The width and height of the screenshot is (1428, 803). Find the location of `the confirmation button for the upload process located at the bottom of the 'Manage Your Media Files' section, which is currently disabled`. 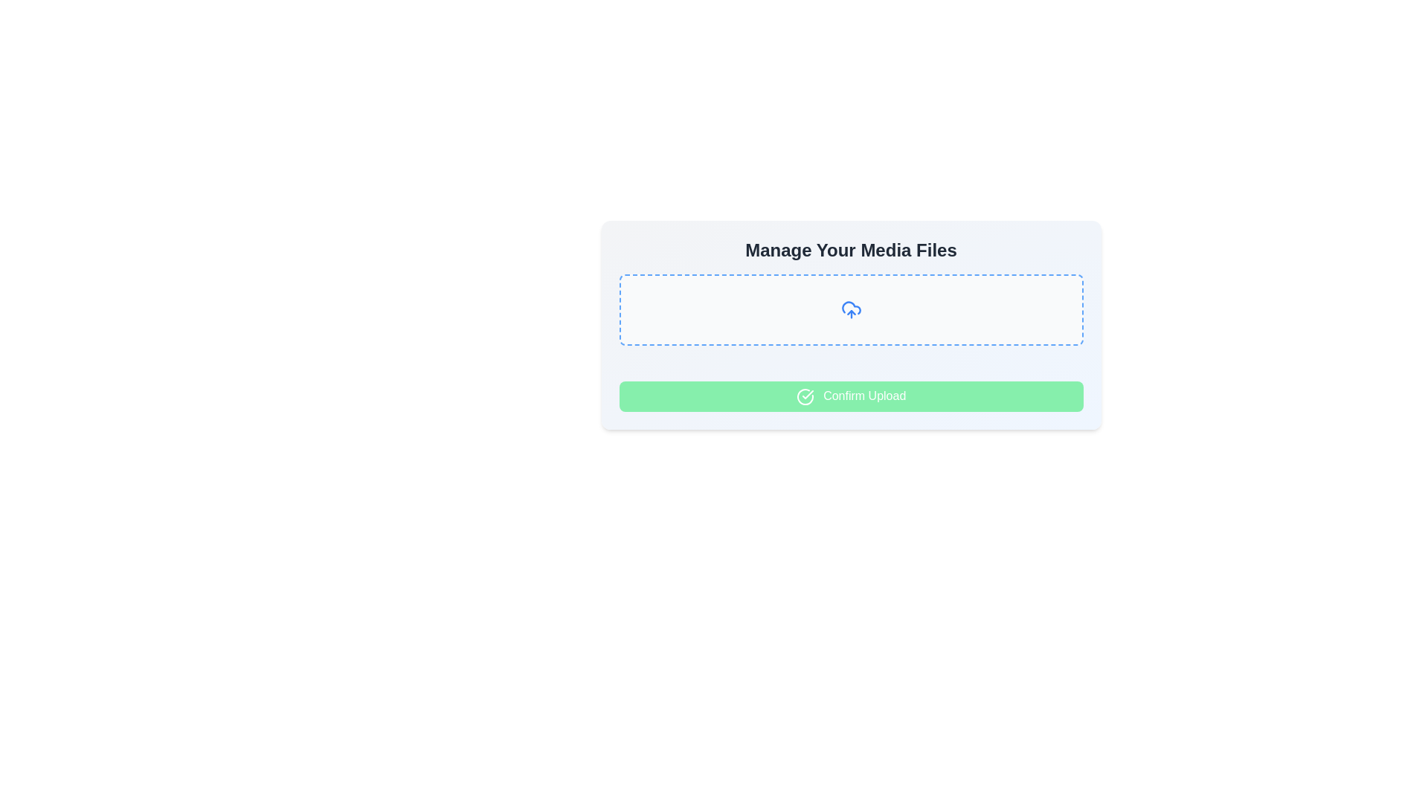

the confirmation button for the upload process located at the bottom of the 'Manage Your Media Files' section, which is currently disabled is located at coordinates (851, 396).